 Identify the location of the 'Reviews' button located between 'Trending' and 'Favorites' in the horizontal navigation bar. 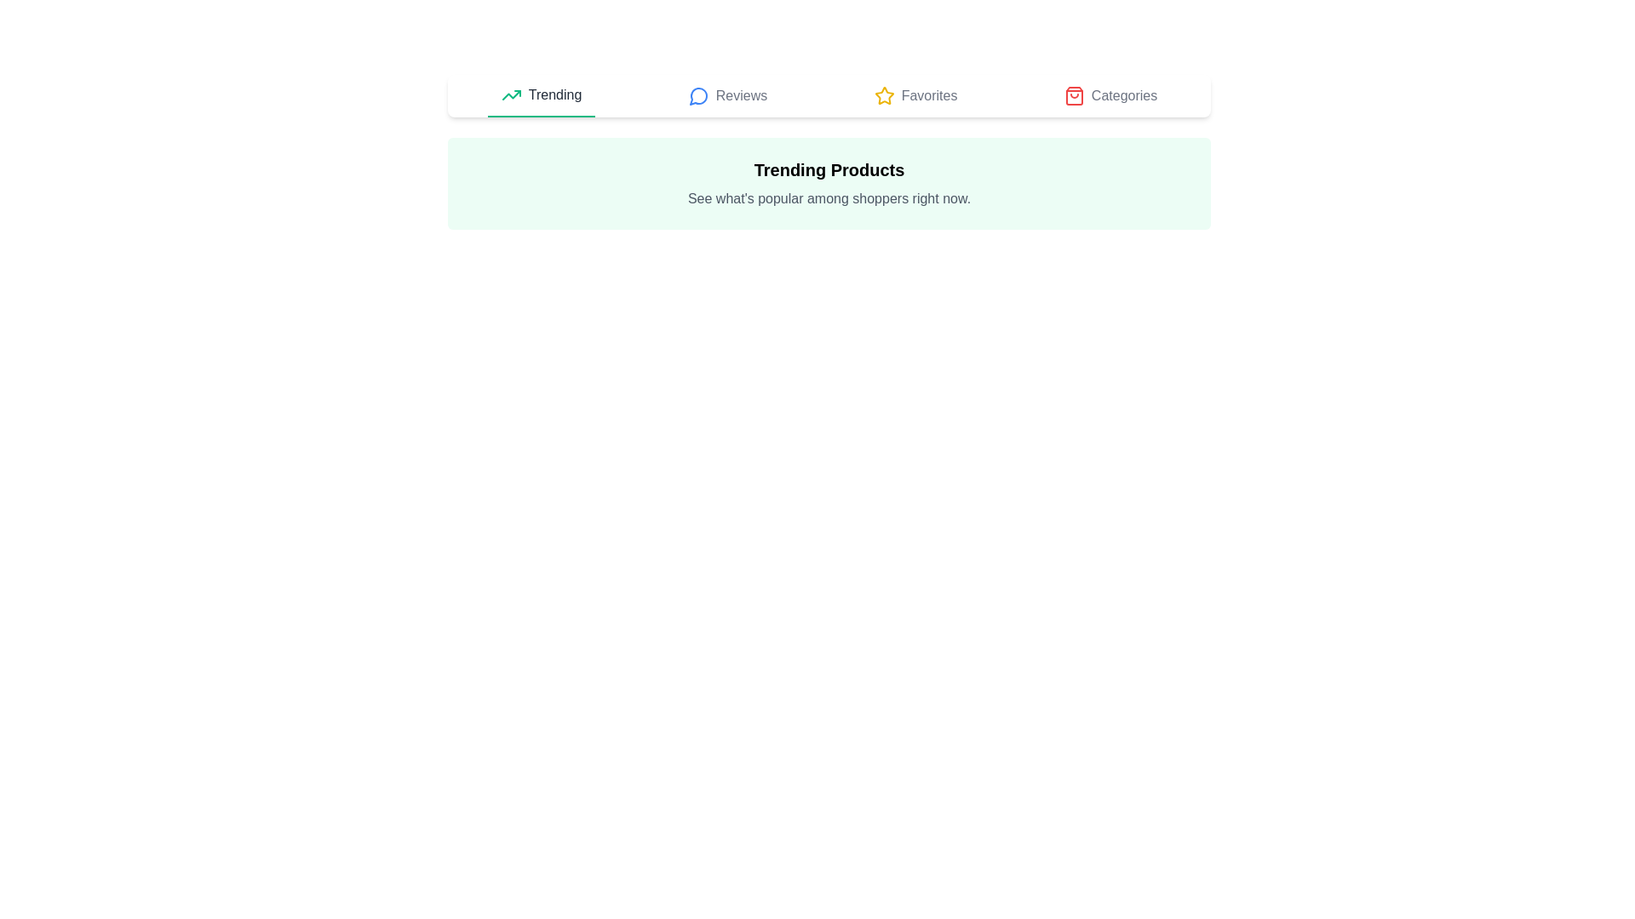
(727, 95).